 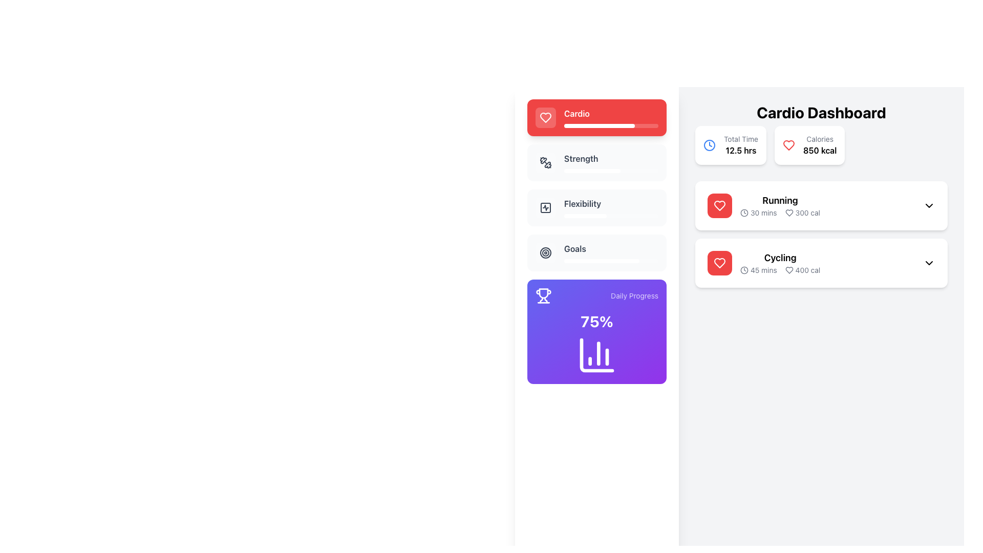 I want to click on the red heart icon button located in the top-left section of the list associated with the 'Cardio' label, so click(x=545, y=117).